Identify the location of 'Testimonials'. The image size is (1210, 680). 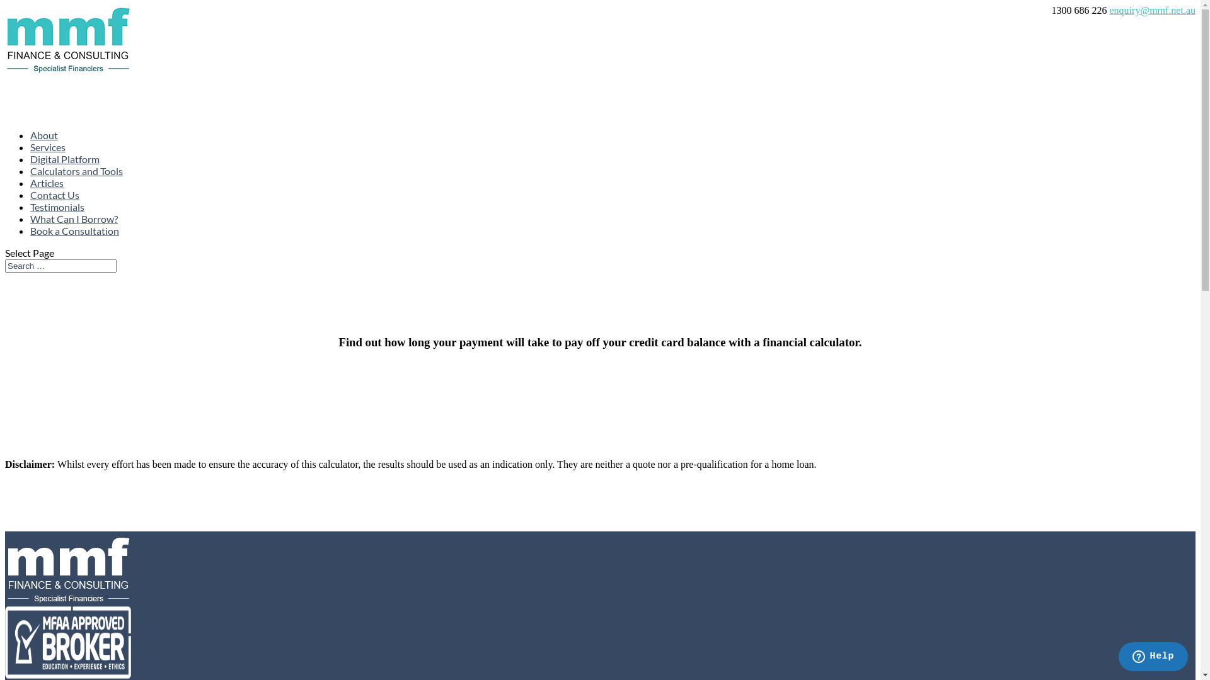
(57, 225).